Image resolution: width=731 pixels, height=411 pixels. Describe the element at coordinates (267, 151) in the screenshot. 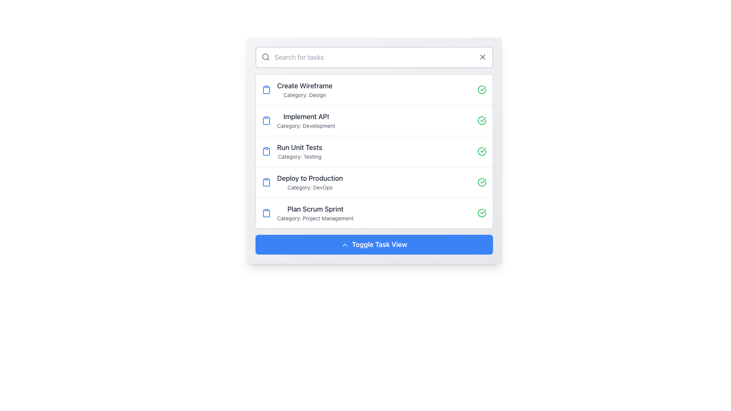

I see `the clipboard icon located to the left of the 'Run Unit Tests' entry` at that location.